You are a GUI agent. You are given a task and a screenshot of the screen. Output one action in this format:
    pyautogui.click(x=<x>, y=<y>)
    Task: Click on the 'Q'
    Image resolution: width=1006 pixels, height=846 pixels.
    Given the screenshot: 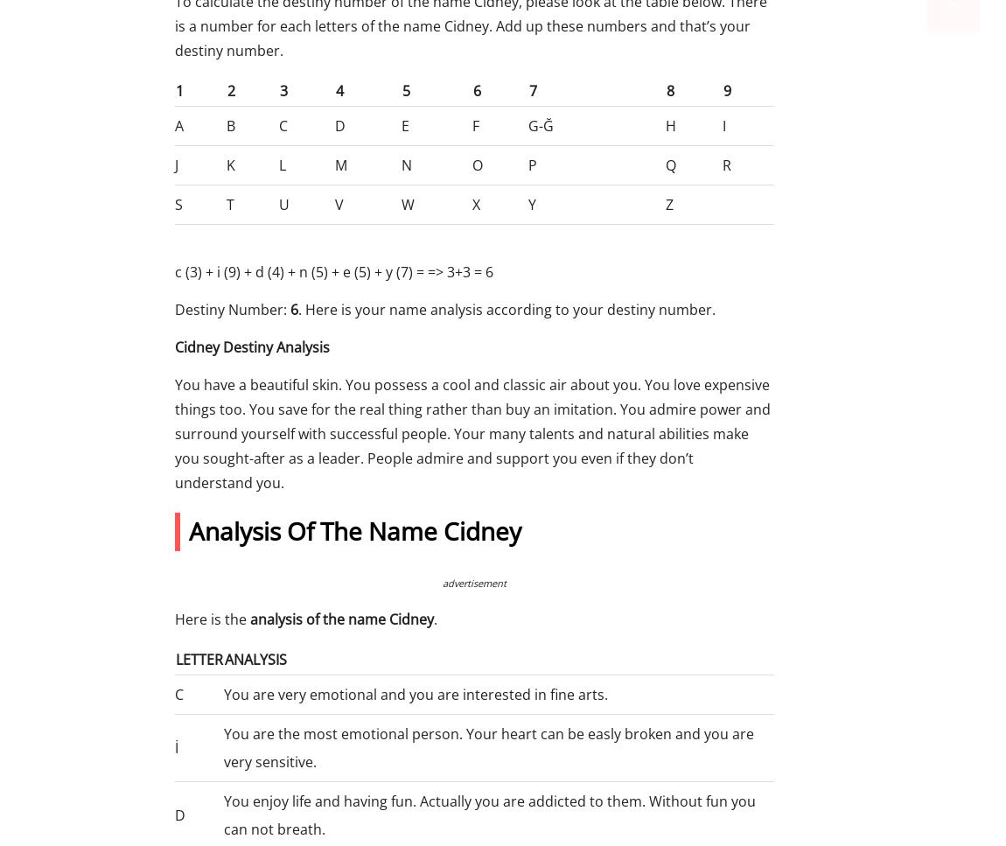 What is the action you would take?
    pyautogui.click(x=669, y=164)
    